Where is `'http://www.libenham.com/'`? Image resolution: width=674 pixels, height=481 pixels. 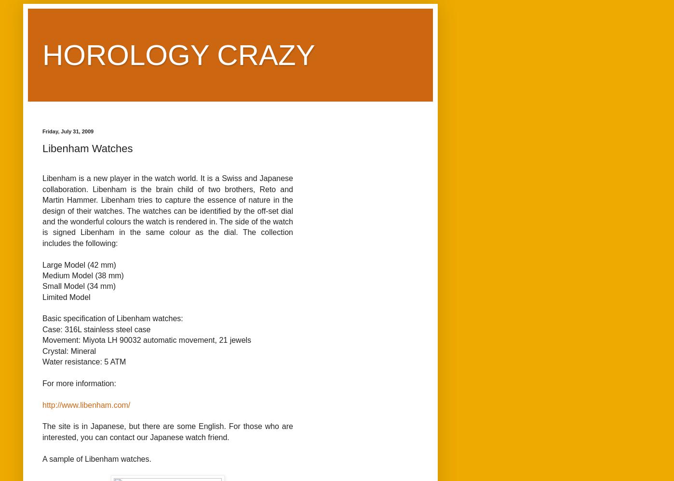 'http://www.libenham.com/' is located at coordinates (86, 404).